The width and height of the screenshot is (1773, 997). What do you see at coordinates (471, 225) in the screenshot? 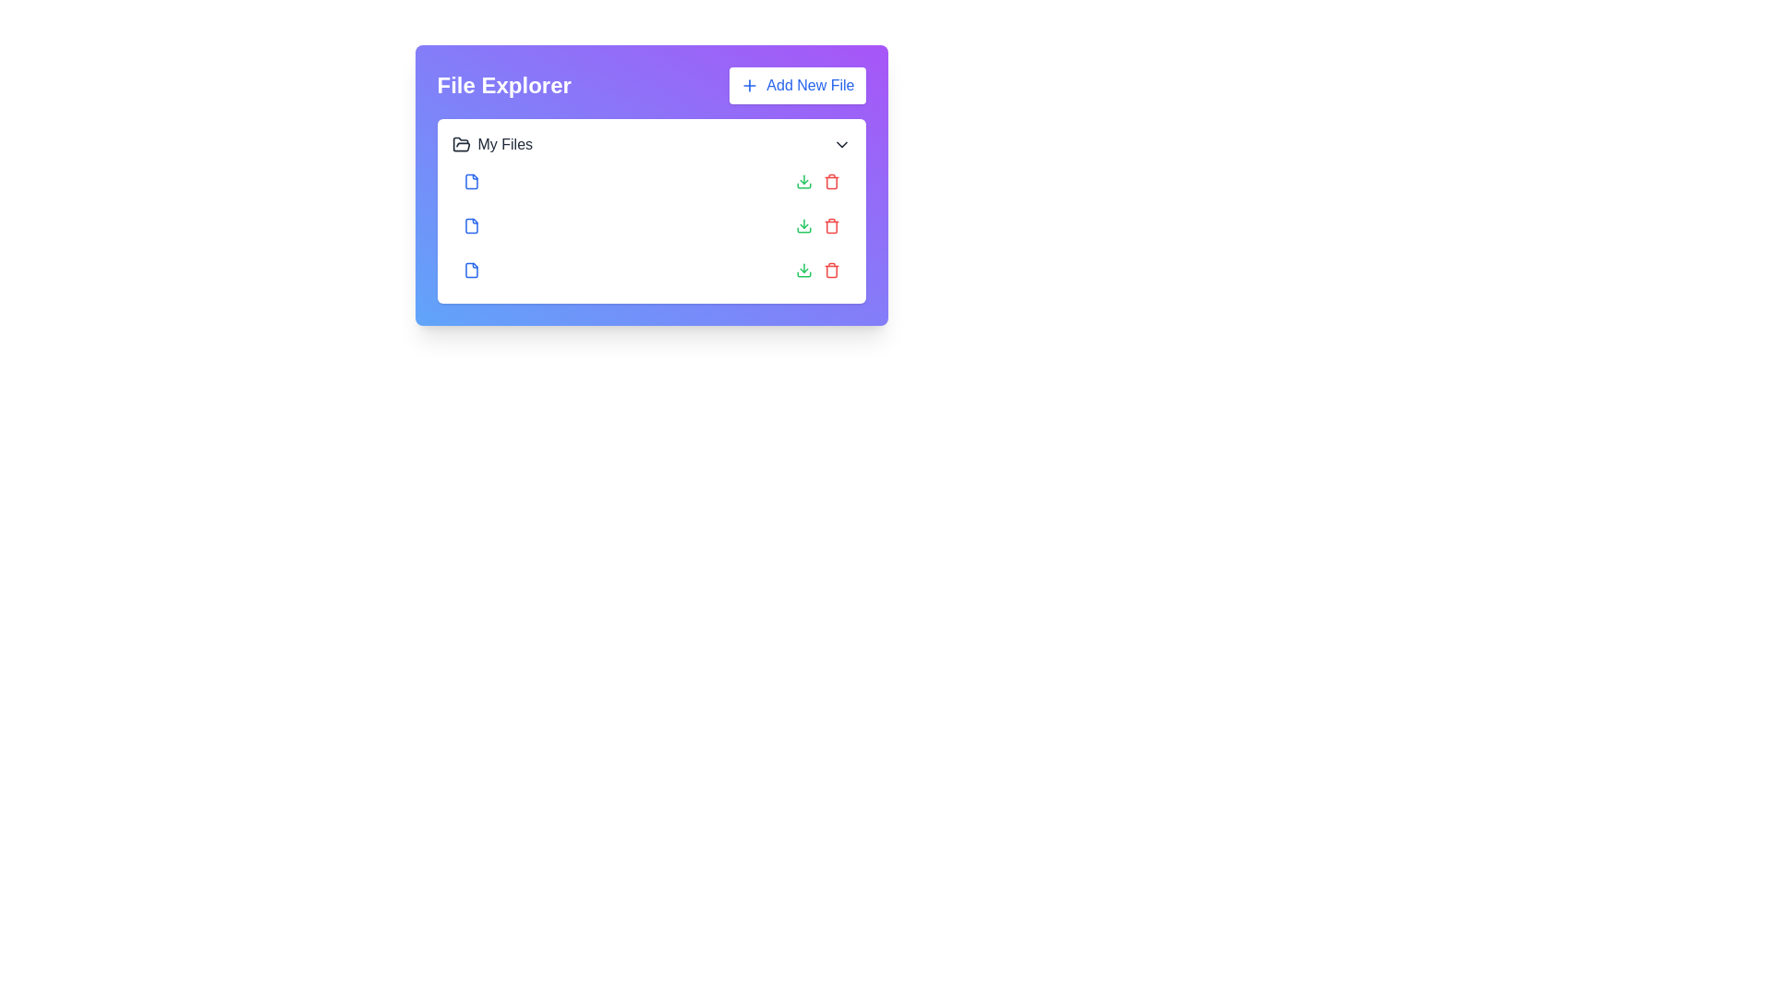
I see `the file icon representing 'Meeting_Notes.txt'` at bounding box center [471, 225].